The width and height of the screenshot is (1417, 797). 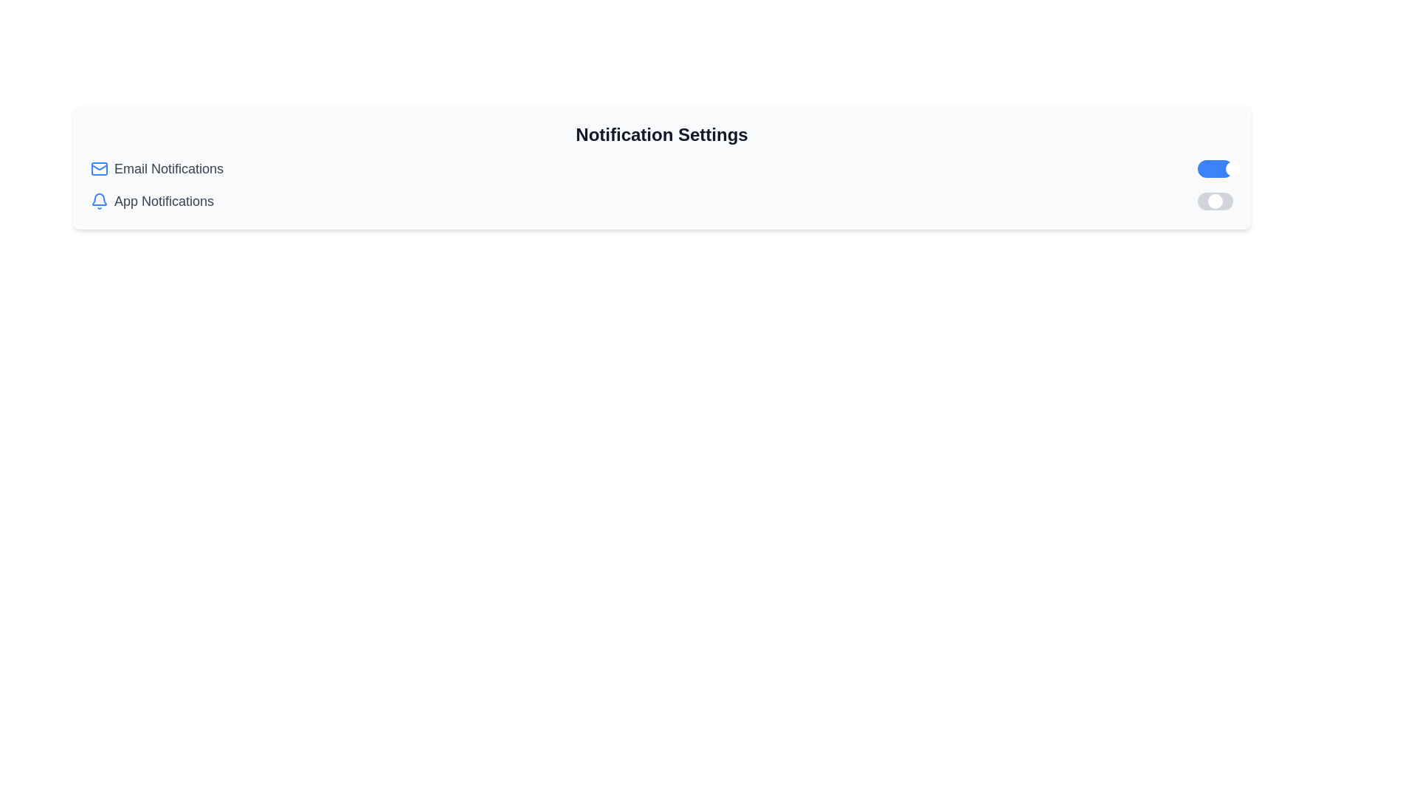 I want to click on the notification icon located to the left of the 'App Notifications' label in the notification settings interface, which is the second icon from the top, so click(x=98, y=199).